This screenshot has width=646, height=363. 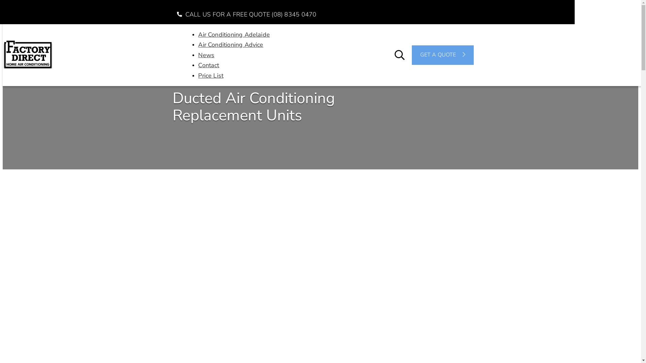 I want to click on 'Air Conditioning Adelaide', so click(x=234, y=34).